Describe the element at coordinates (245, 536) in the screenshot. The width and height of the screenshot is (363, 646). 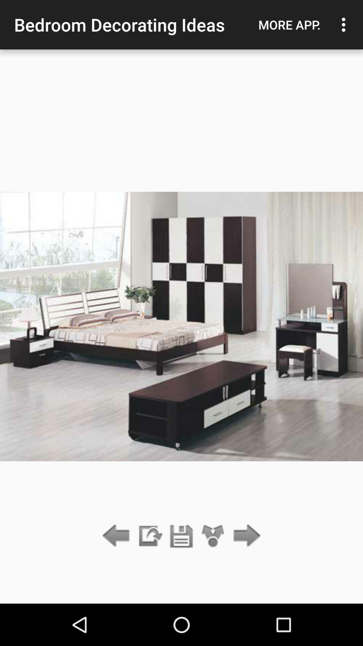
I see `the arrow_forward icon` at that location.